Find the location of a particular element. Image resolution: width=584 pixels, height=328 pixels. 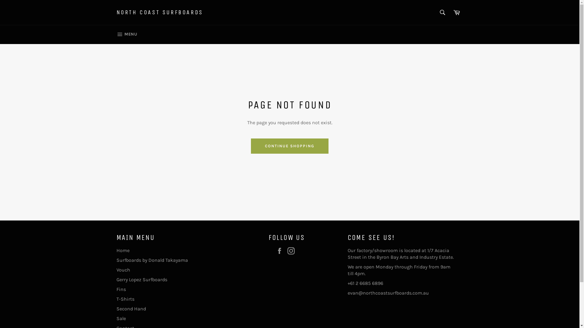

'NORTH COAST SURFBOARDS' is located at coordinates (159, 12).